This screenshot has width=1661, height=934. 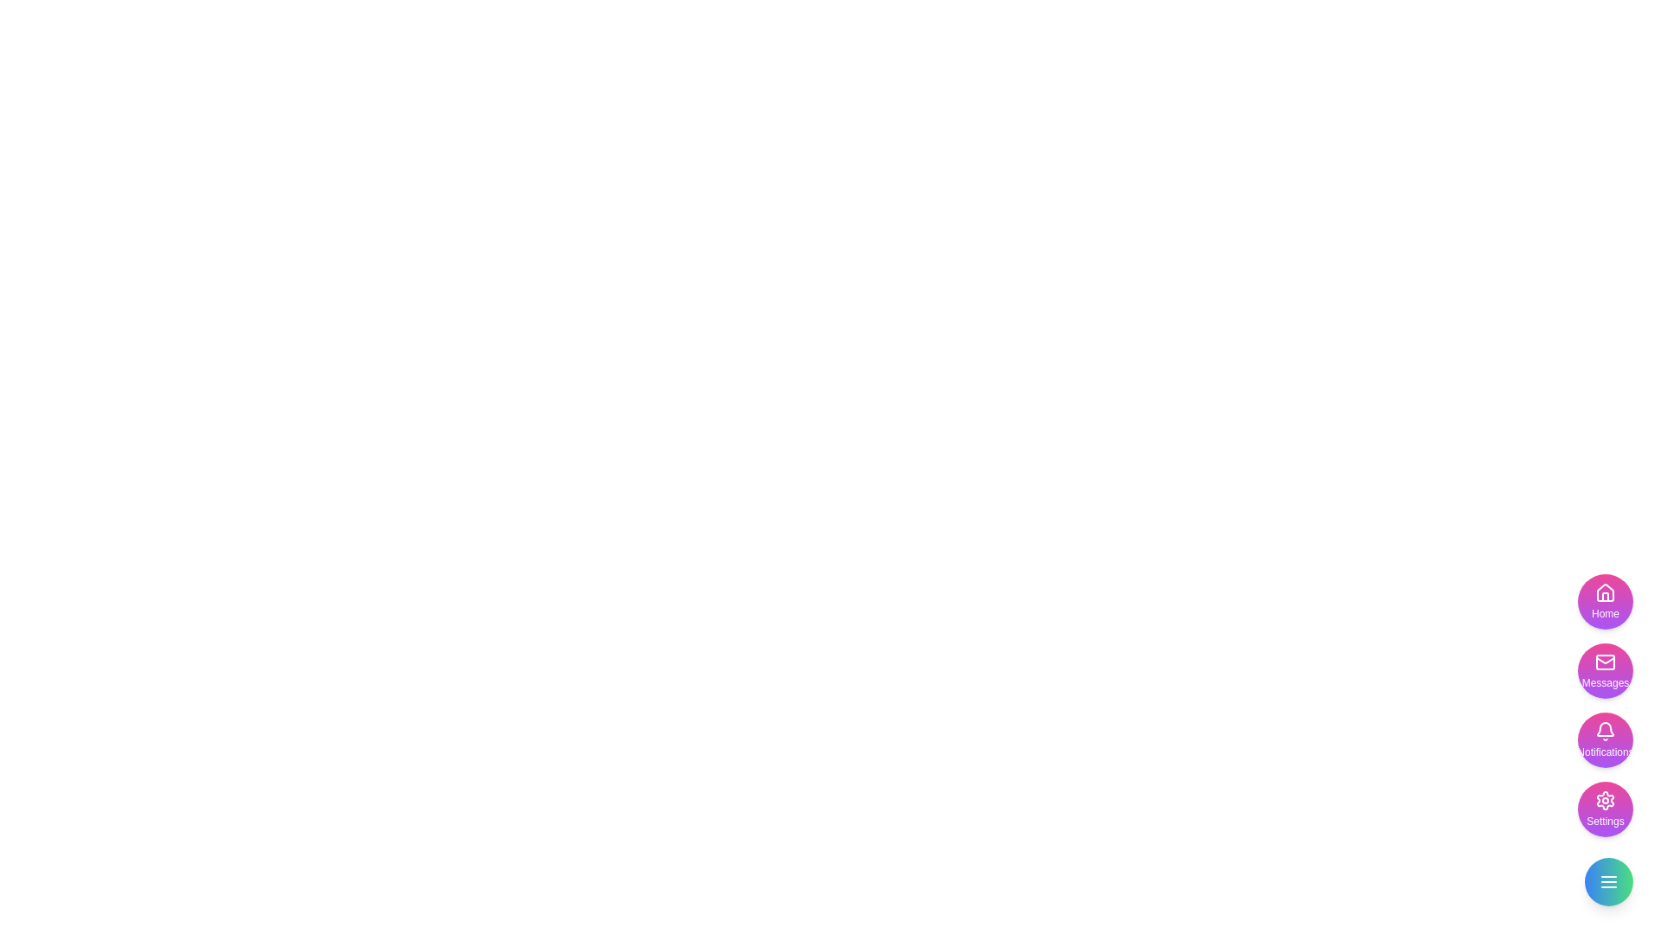 I want to click on the circular button with a menu icon, so click(x=1608, y=881).